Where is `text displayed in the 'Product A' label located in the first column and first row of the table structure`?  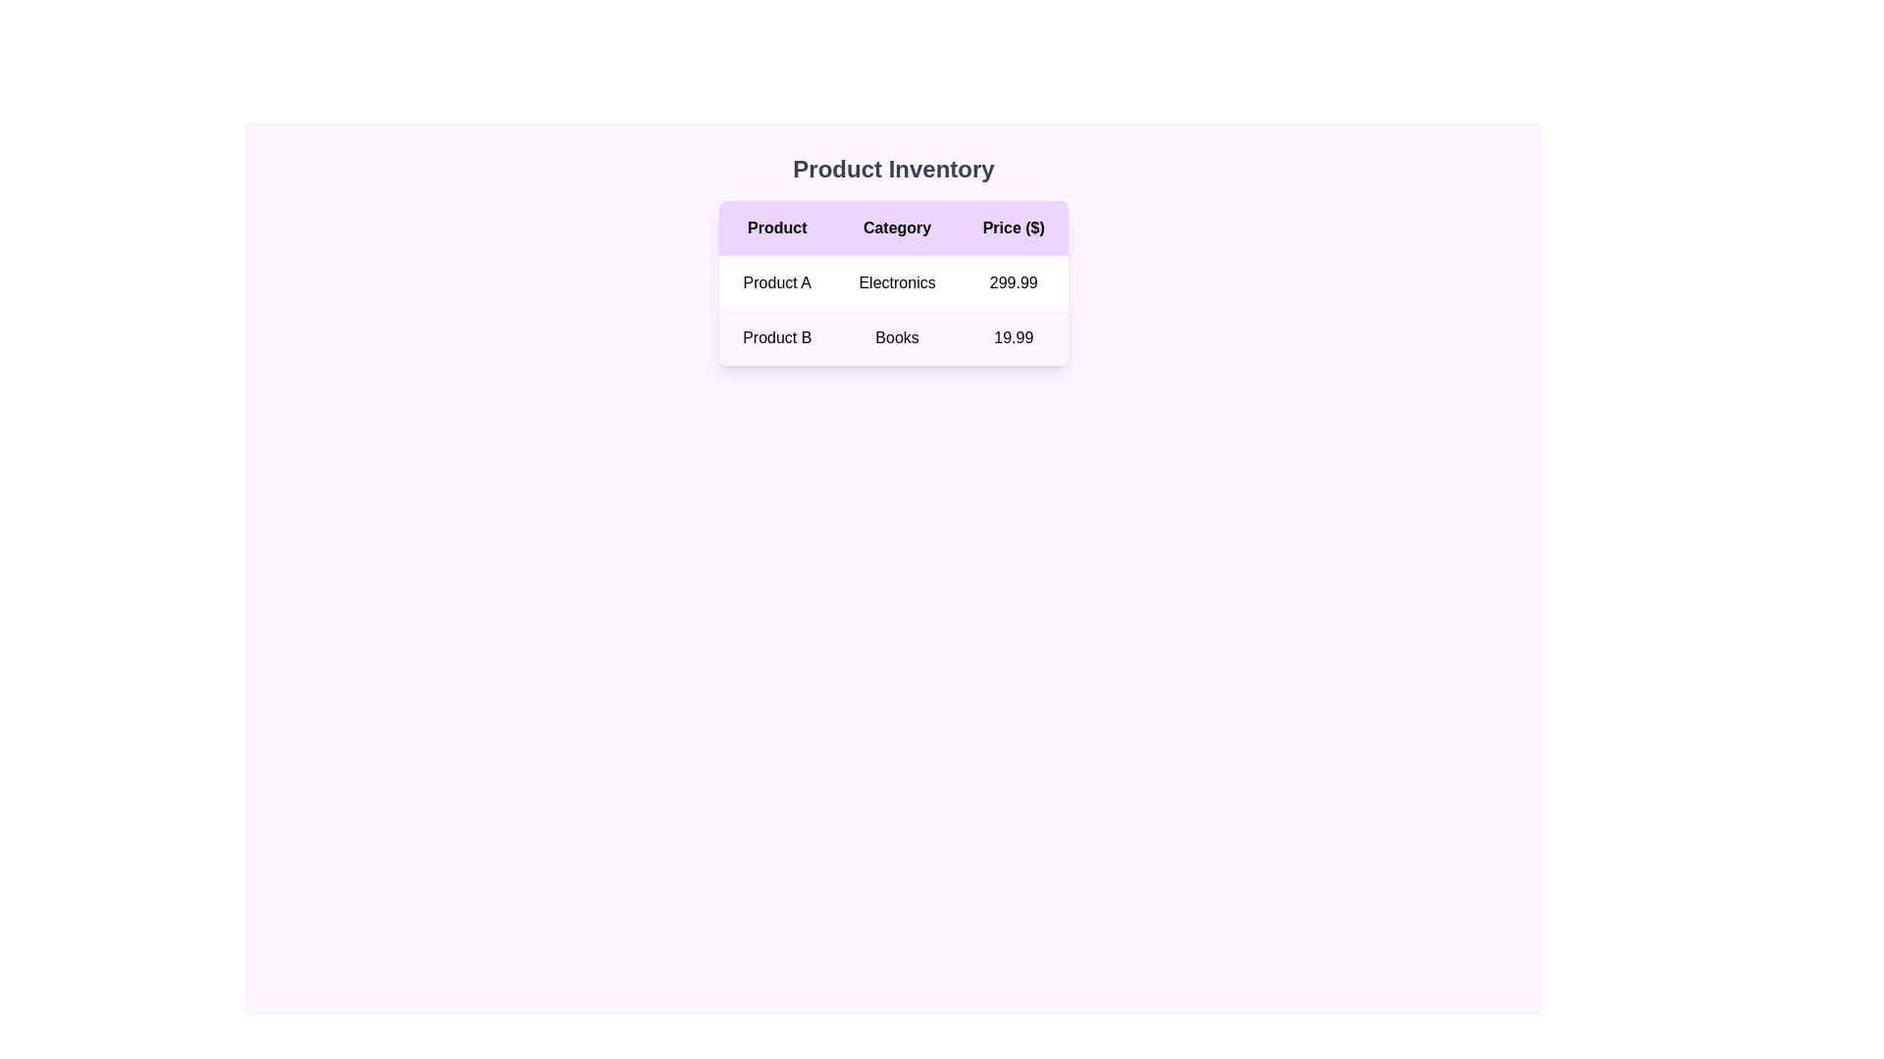
text displayed in the 'Product A' label located in the first column and first row of the table structure is located at coordinates (776, 283).